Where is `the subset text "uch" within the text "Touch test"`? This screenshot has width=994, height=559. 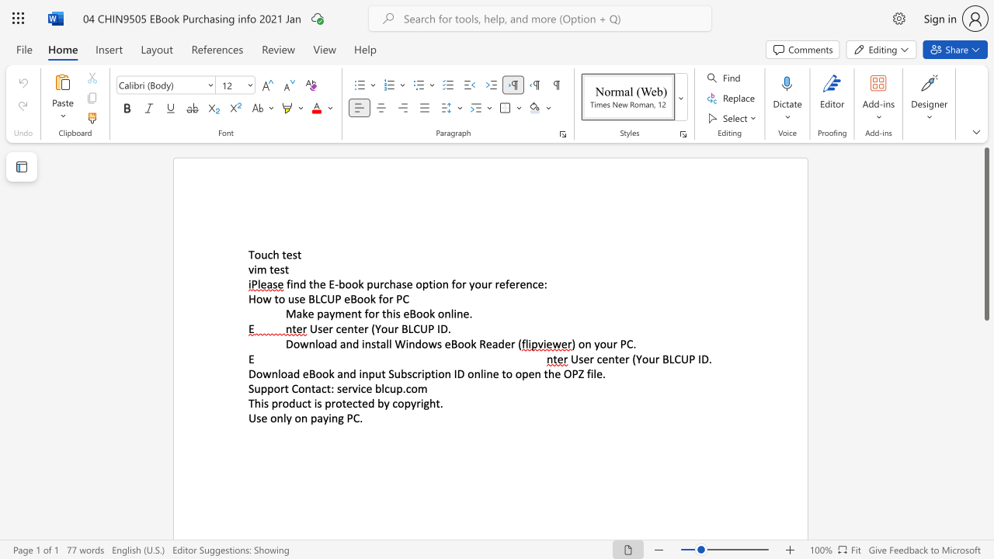
the subset text "uch" within the text "Touch test" is located at coordinates (261, 254).